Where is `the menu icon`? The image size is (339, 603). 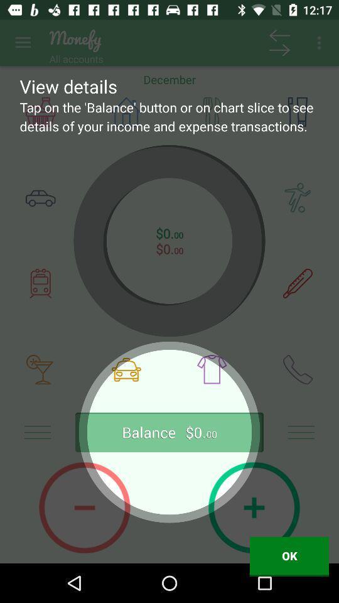 the menu icon is located at coordinates (37, 432).